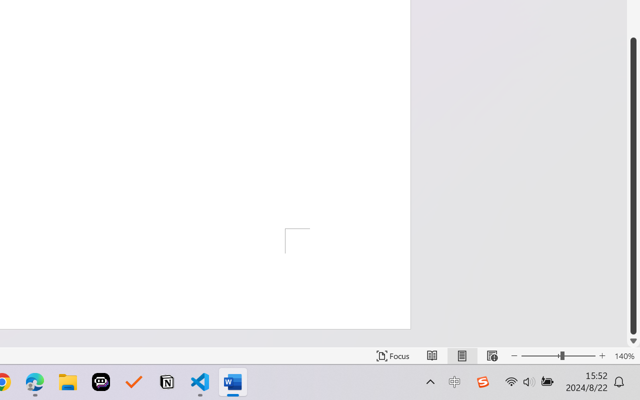 This screenshot has width=640, height=400. Describe the element at coordinates (432, 355) in the screenshot. I see `'Read Mode'` at that location.